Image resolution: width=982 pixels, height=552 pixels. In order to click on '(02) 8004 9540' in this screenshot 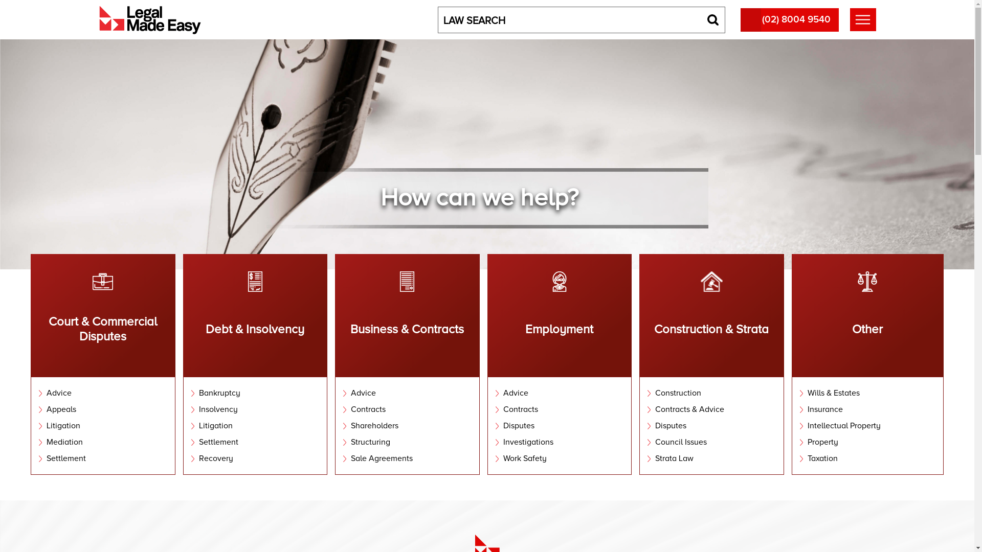, I will do `click(789, 19)`.